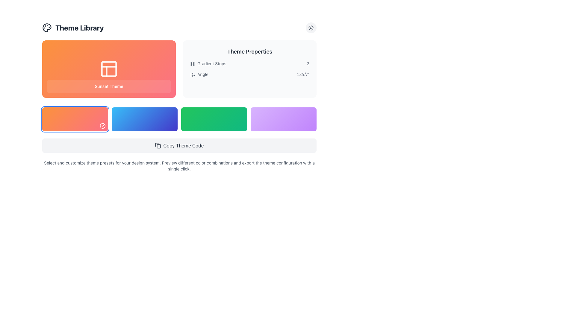  I want to click on the Text Label that describes the gradient block theme, located at the bottom section of the gradient block, centered laterally beneath the graphic icon, so click(109, 86).